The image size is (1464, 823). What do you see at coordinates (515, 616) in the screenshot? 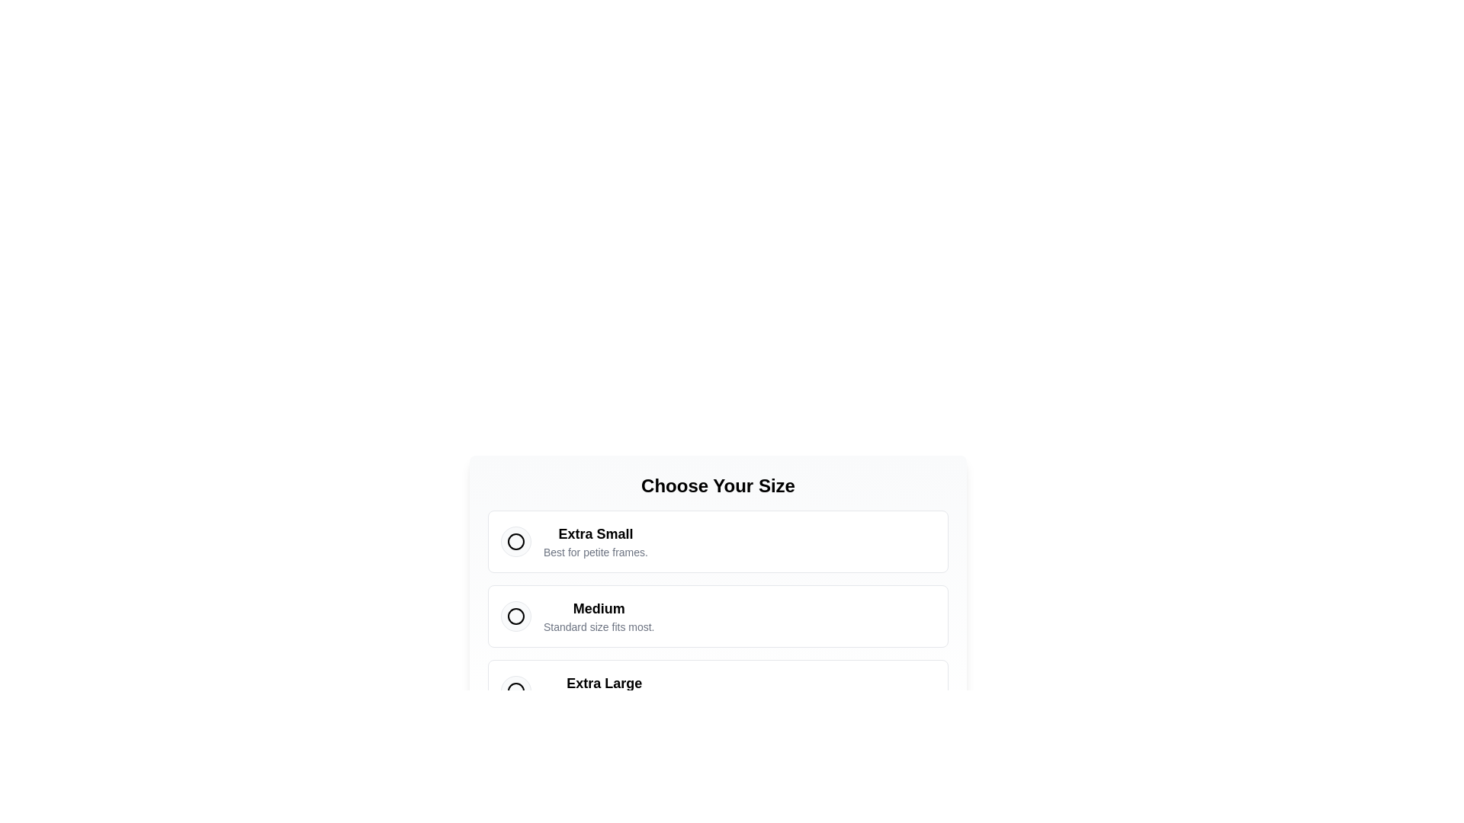
I see `the radio button next to the 'Medium' size option` at bounding box center [515, 616].